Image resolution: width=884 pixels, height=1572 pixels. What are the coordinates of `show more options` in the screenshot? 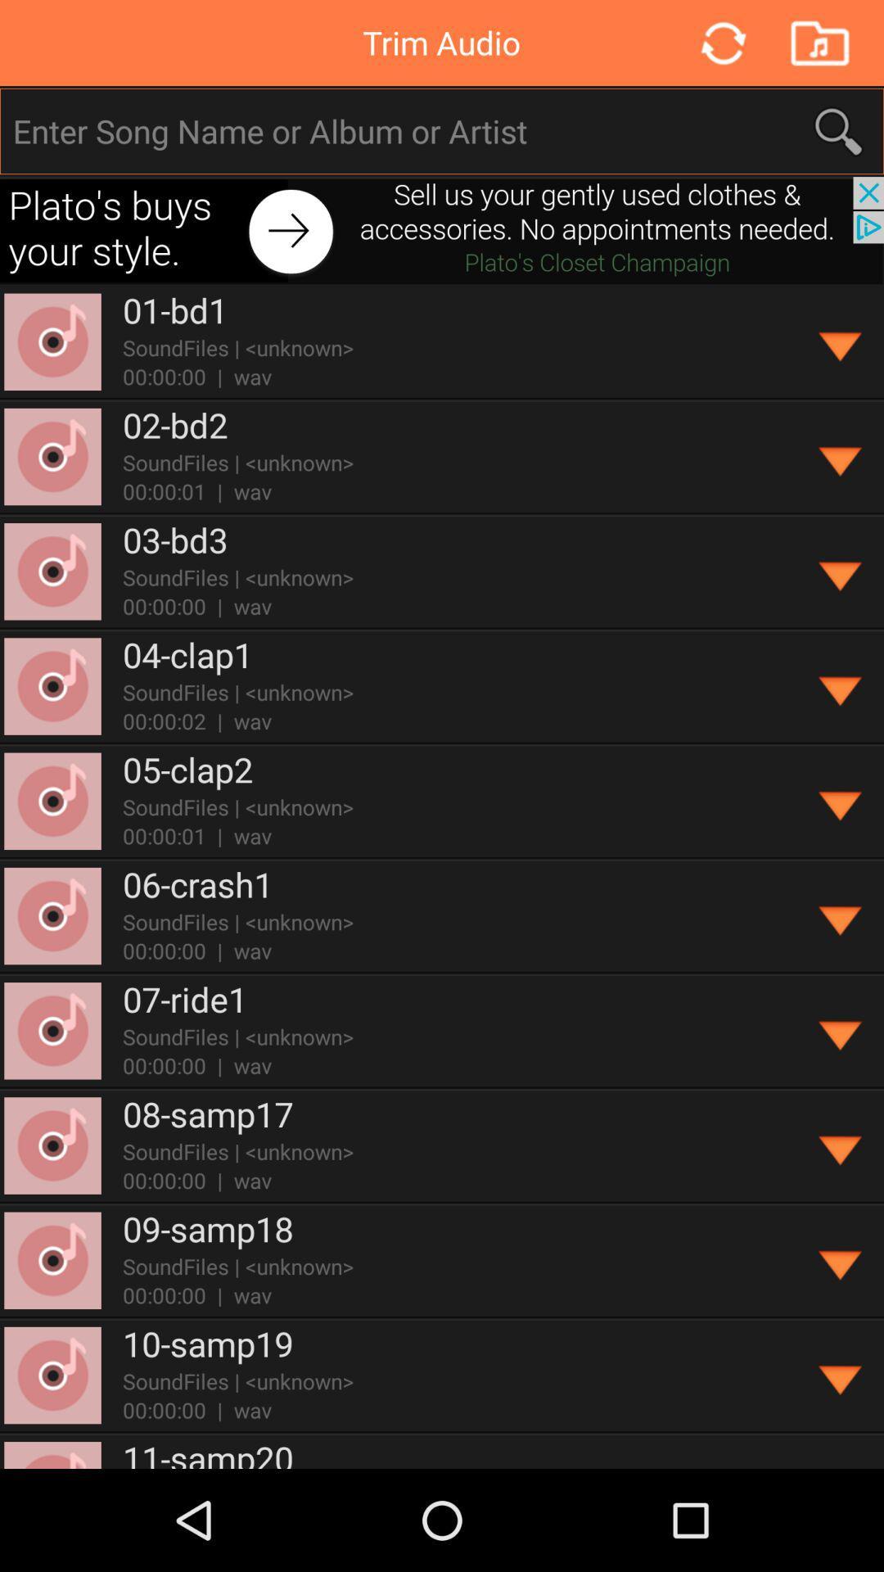 It's located at (841, 571).